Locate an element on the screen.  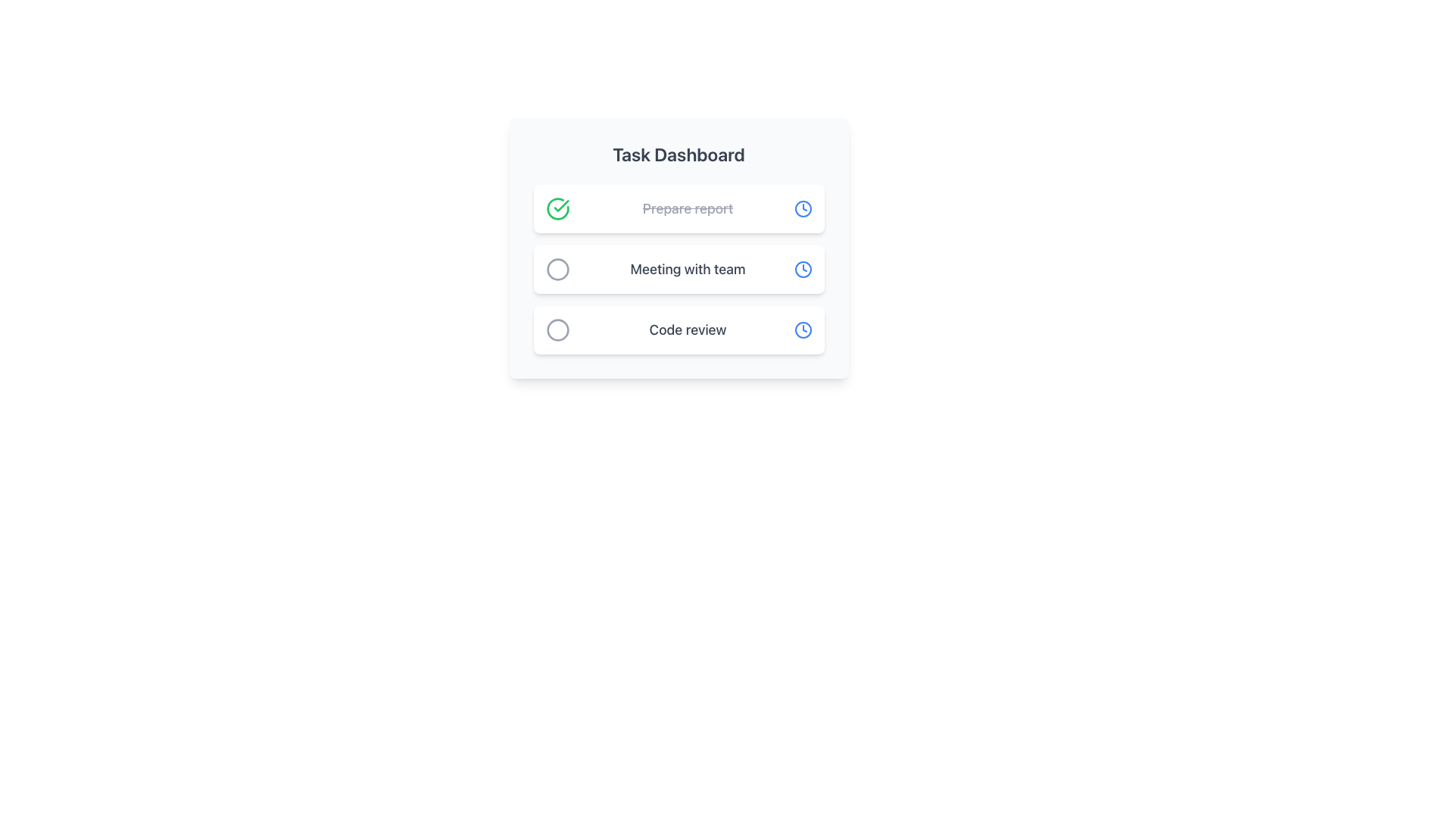
the text label displaying 'Code review', which is located on the right side of a circular checkbox in the task list interface is located at coordinates (687, 329).